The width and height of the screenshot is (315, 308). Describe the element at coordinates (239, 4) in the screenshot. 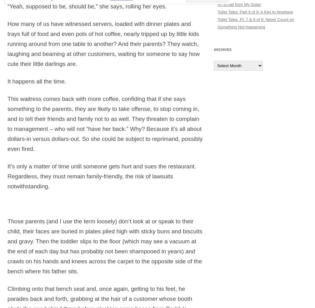

I see `'An Email from My Sister'` at that location.